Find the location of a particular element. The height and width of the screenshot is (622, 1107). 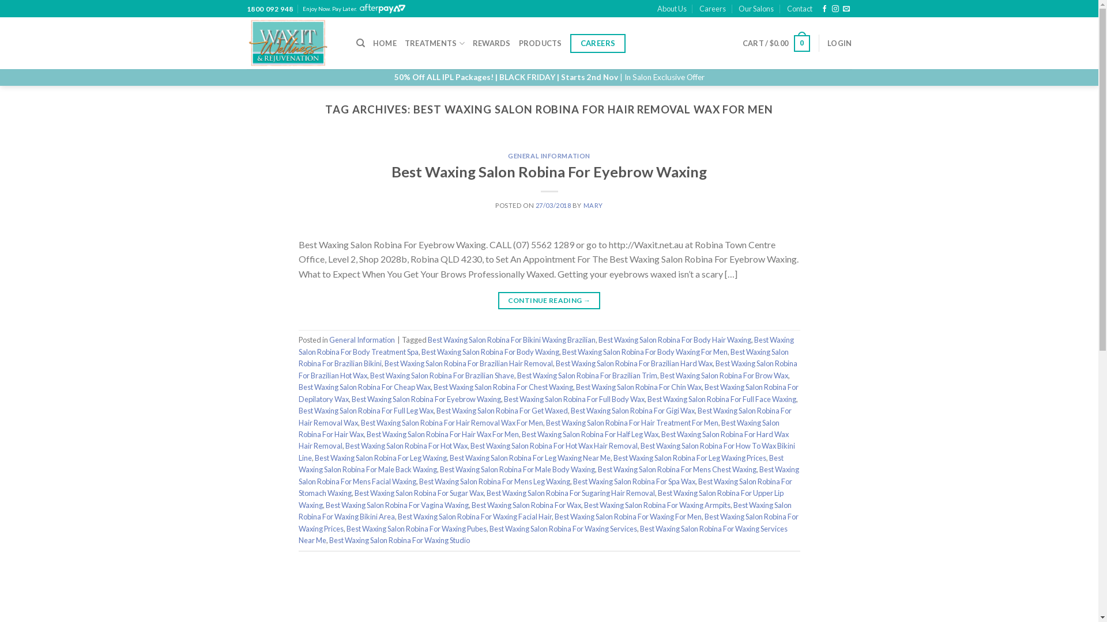

'Best Waxing Salon Robina For Waxing Services' is located at coordinates (562, 529).